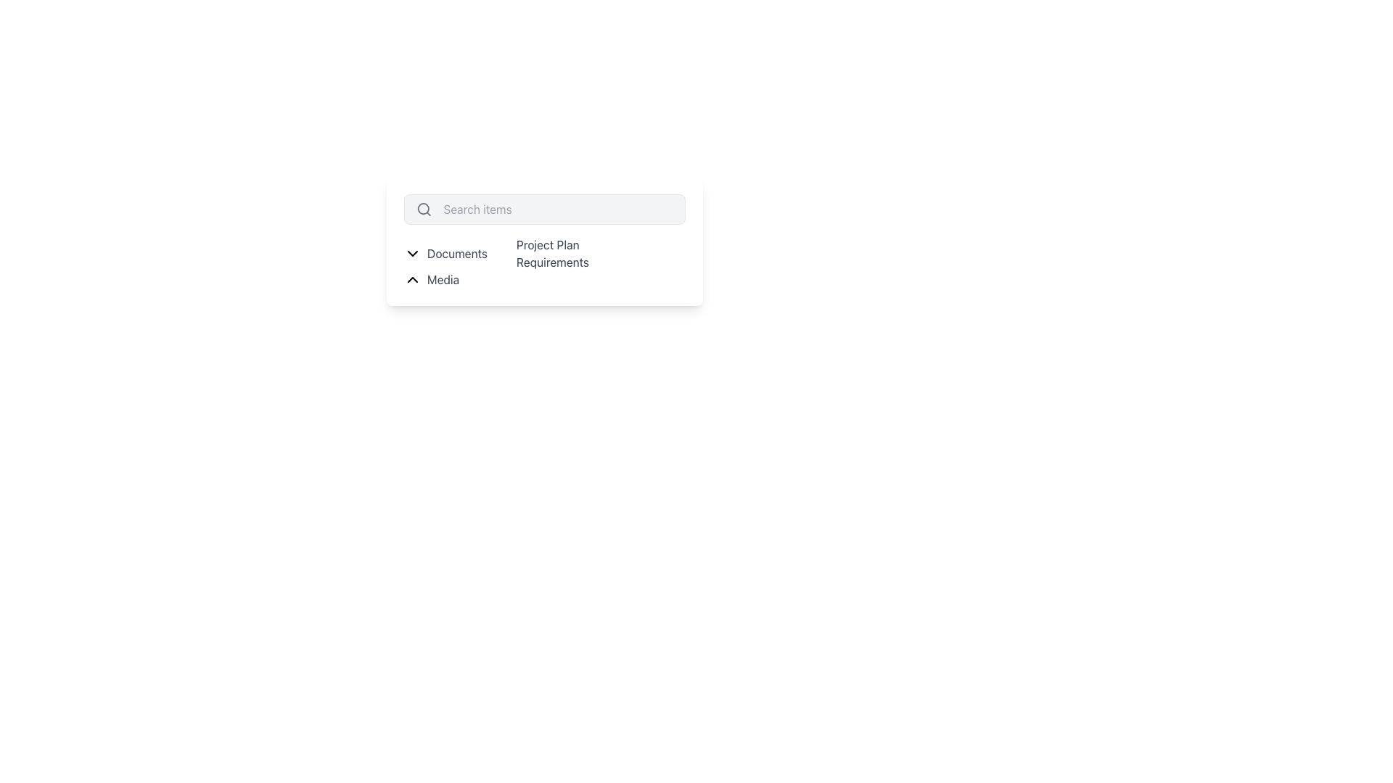 This screenshot has width=1393, height=783. I want to click on the 'Requirements' Text Label located under the 'Documents' section, so click(552, 262).